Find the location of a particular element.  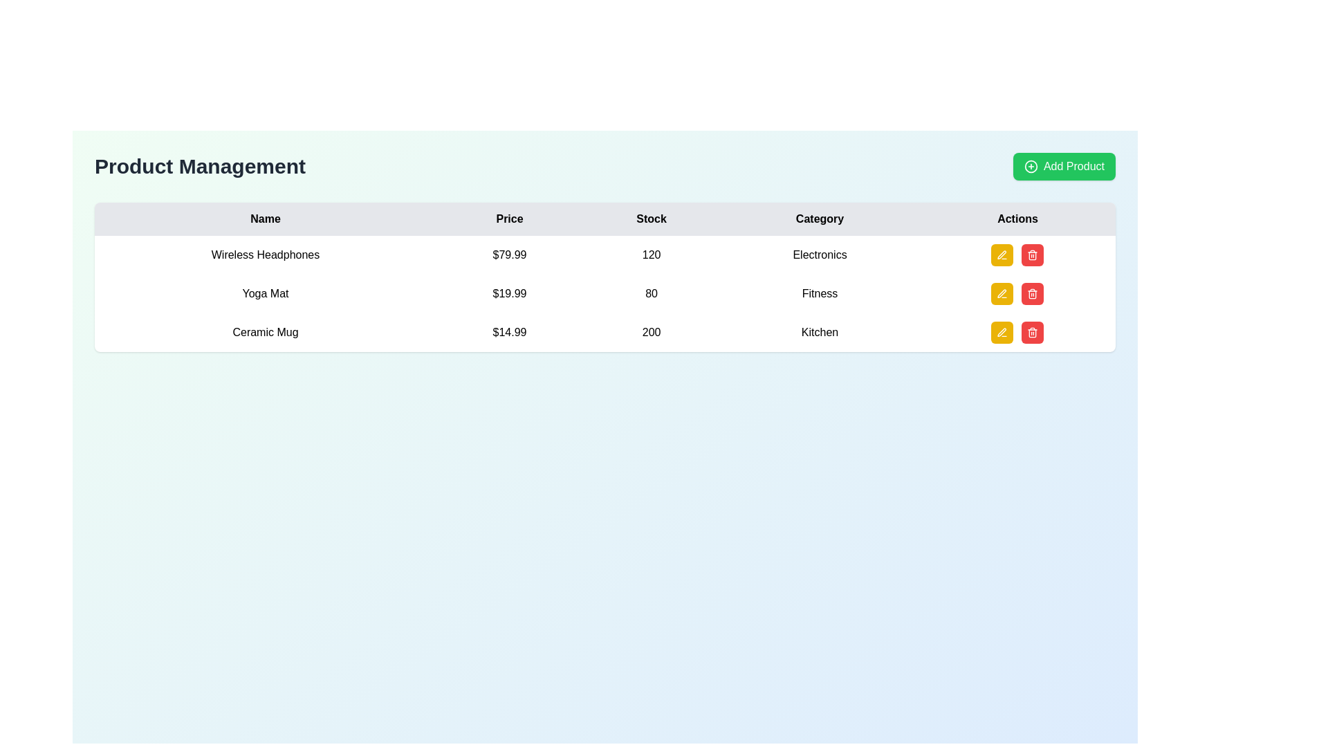

the text label that describes the product name in the third row of the leftmost column under the 'Name' header is located at coordinates (266, 333).